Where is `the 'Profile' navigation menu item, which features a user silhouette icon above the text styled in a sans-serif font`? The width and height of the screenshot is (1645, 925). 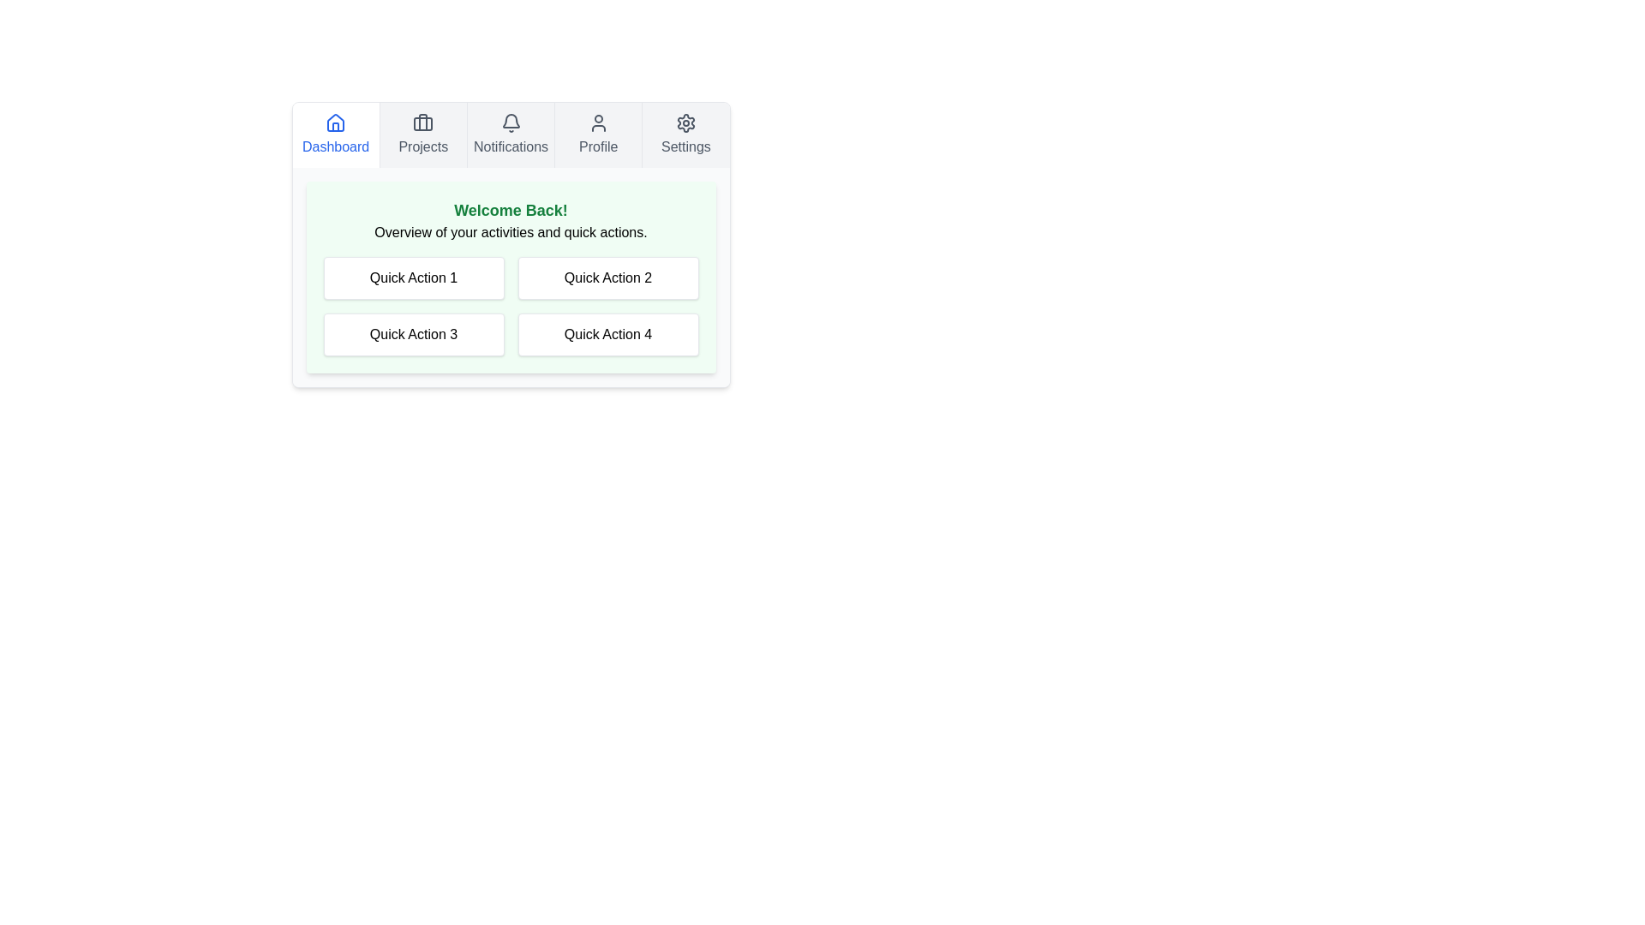
the 'Profile' navigation menu item, which features a user silhouette icon above the text styled in a sans-serif font is located at coordinates (598, 134).